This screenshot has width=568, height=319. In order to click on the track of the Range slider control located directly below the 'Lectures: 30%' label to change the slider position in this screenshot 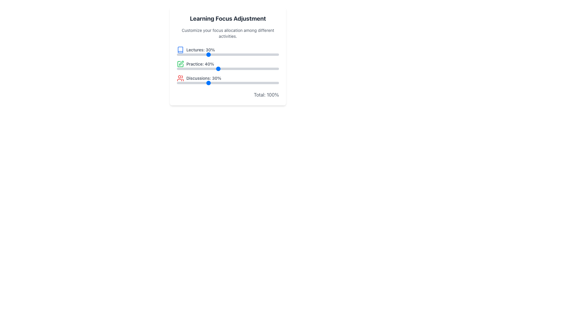, I will do `click(227, 55)`.